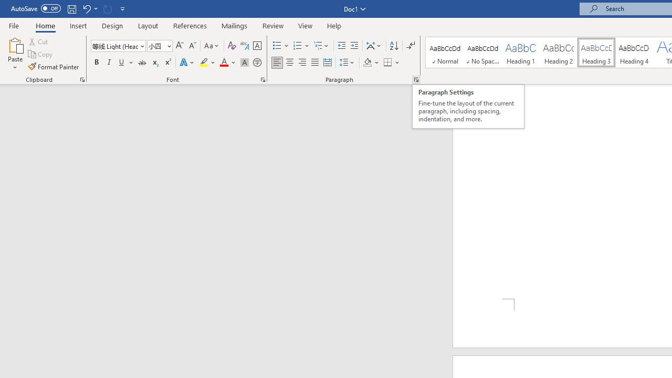 The width and height of the screenshot is (672, 378). What do you see at coordinates (367, 62) in the screenshot?
I see `'Shading RGB(0, 0, 0)'` at bounding box center [367, 62].